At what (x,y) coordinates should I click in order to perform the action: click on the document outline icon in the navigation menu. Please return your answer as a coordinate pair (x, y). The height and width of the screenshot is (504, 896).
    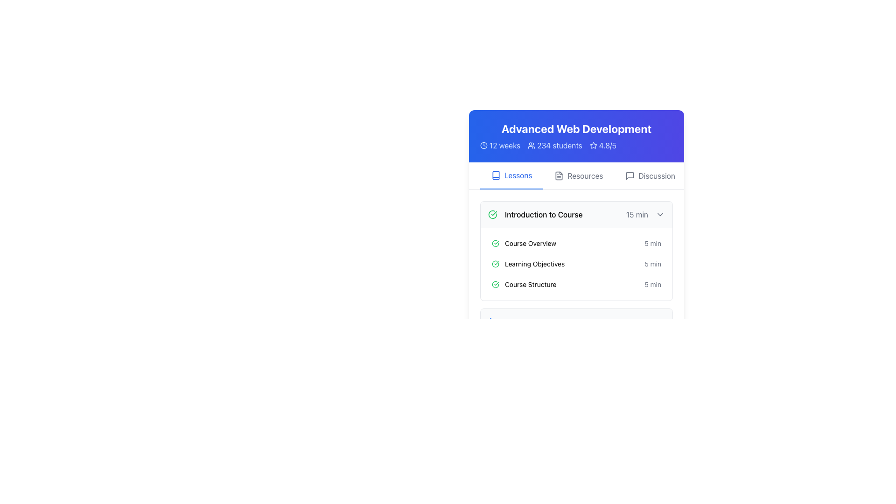
    Looking at the image, I should click on (559, 176).